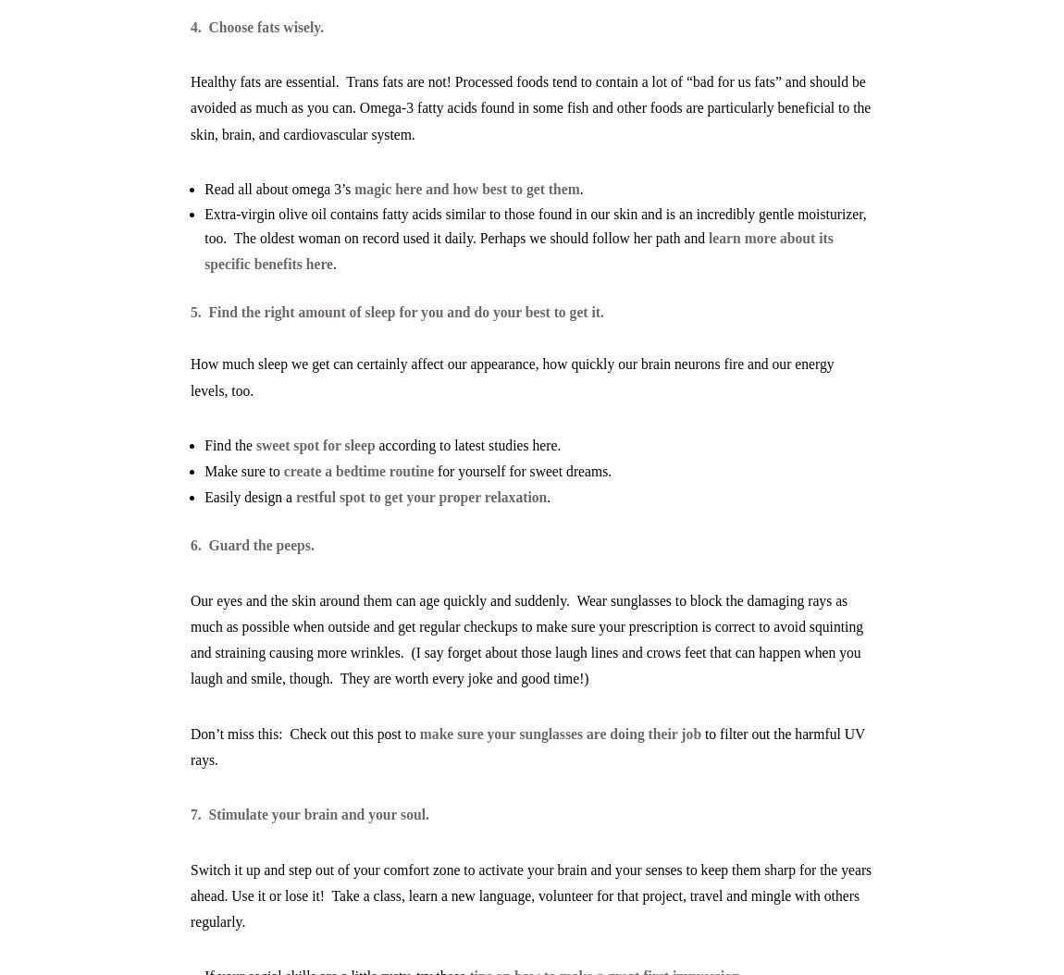  What do you see at coordinates (559, 732) in the screenshot?
I see `'make sure your sunglasses are doing their job'` at bounding box center [559, 732].